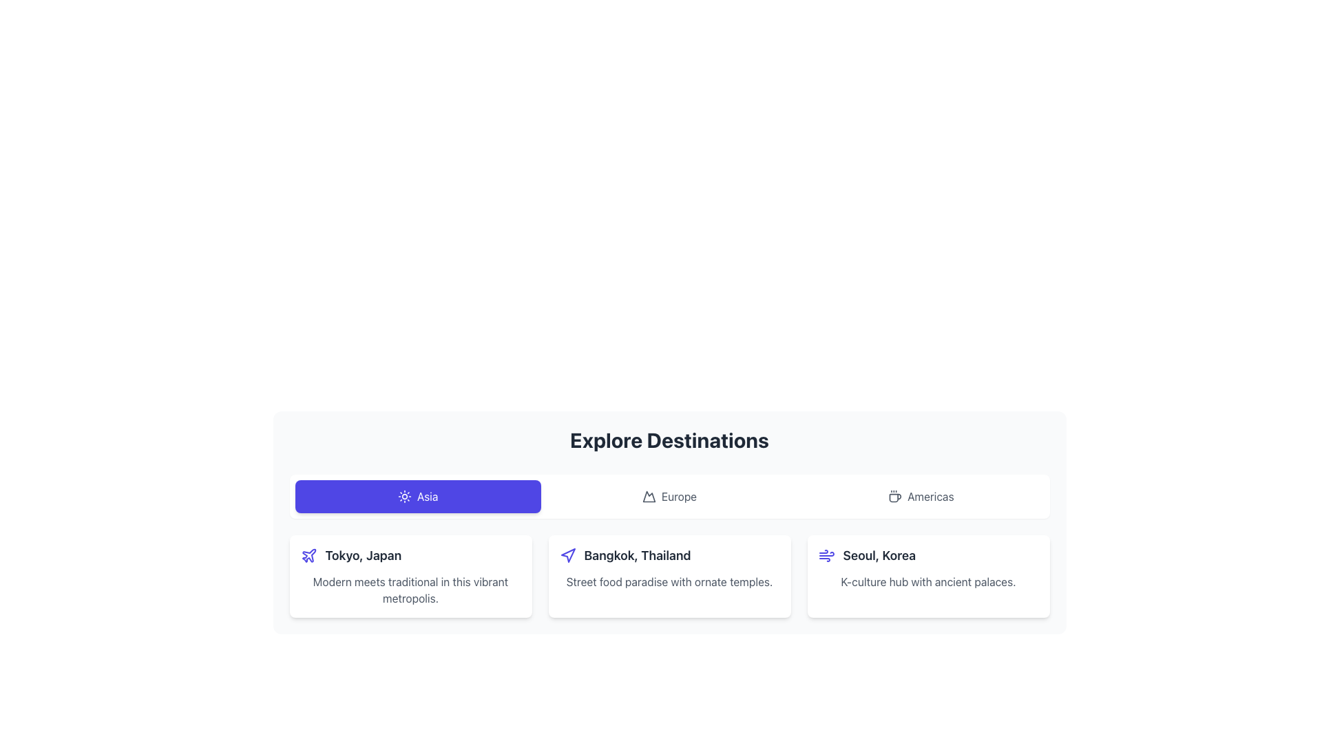  I want to click on the button representing the 'Americas' category to filter or navigate to content related to this geographical category, so click(921, 496).